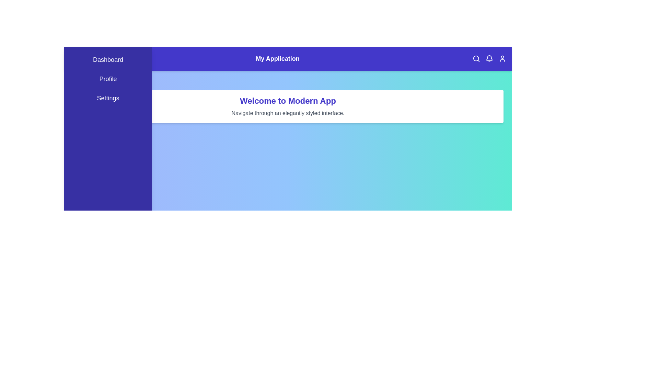  I want to click on the Search icon in the app bar, so click(476, 58).